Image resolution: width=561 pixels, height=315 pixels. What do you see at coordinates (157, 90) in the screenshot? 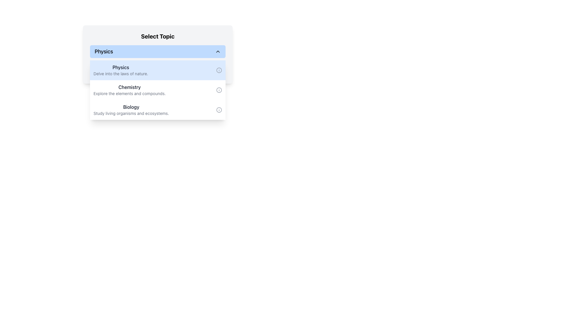
I see `the second selectable list item labeled 'Chemistry'` at bounding box center [157, 90].